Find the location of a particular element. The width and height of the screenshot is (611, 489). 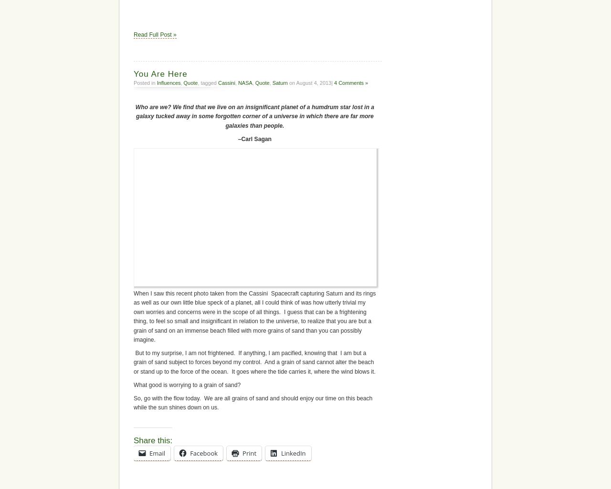

'4 Comments »' is located at coordinates (350, 81).